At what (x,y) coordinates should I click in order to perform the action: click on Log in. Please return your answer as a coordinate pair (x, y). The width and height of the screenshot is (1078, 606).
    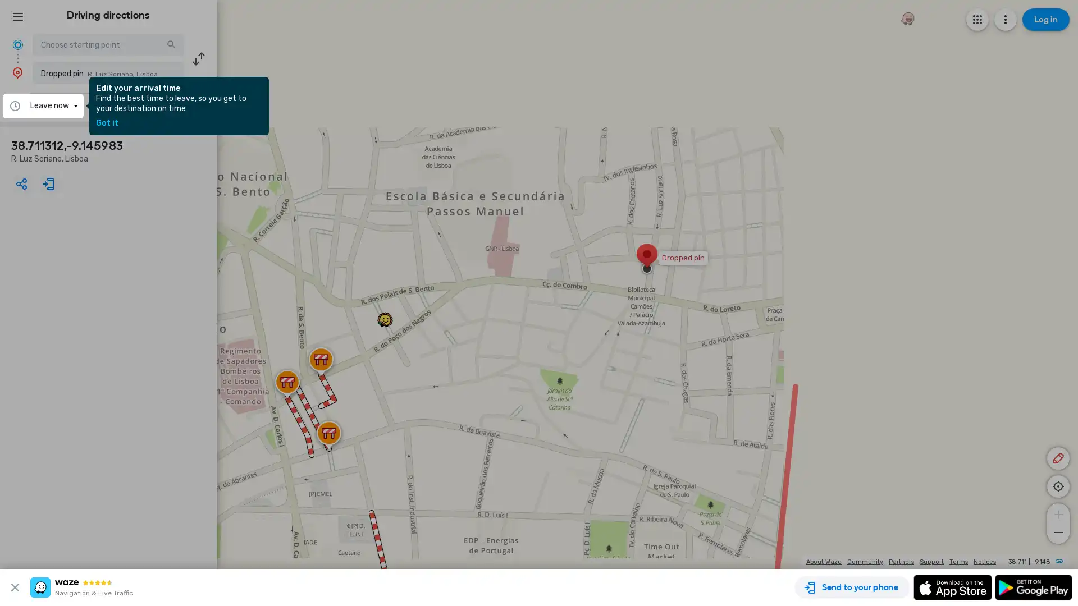
    Looking at the image, I should click on (1045, 19).